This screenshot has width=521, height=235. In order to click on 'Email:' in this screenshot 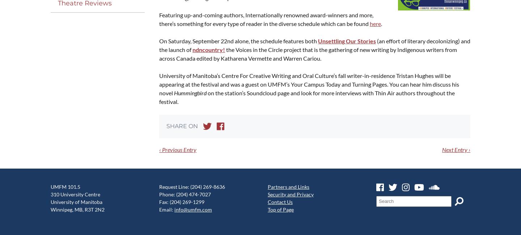, I will do `click(166, 209)`.